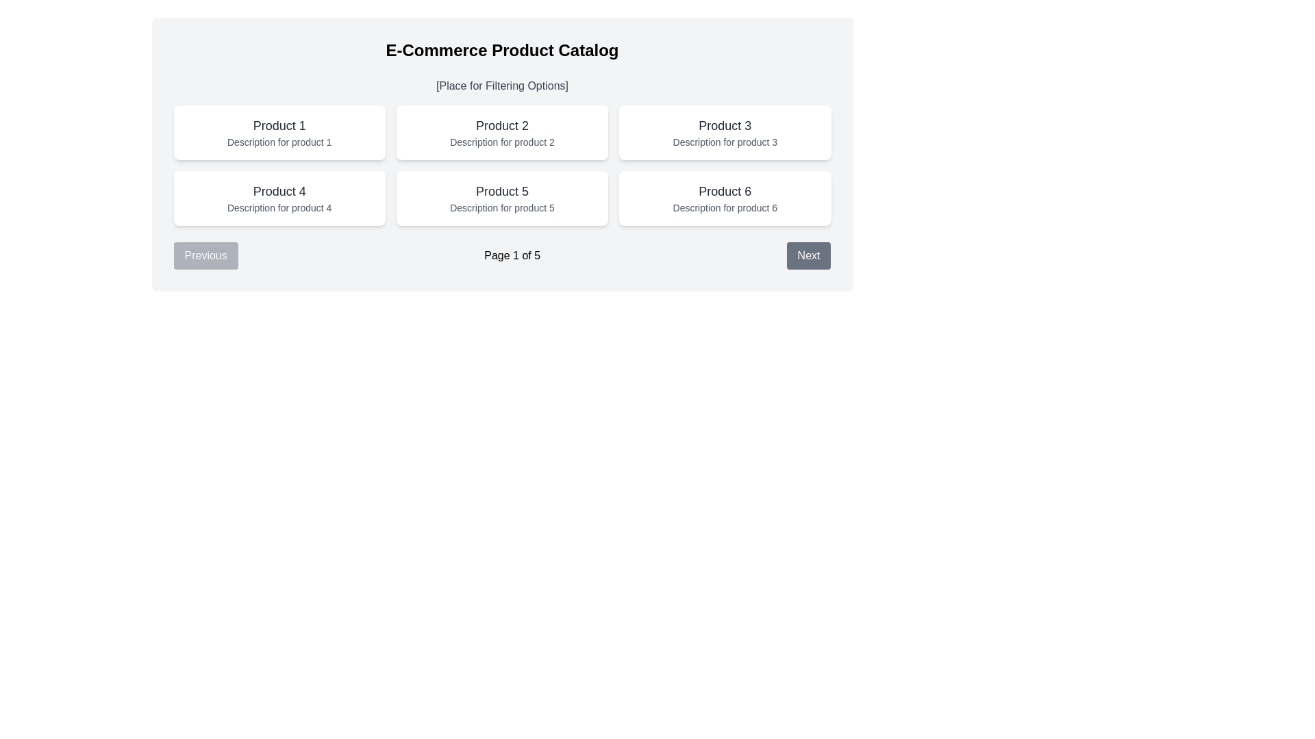 The height and width of the screenshot is (739, 1315). What do you see at coordinates (279, 126) in the screenshot?
I see `the product title text label located in the top-left card of the product catalog grid, which serves as an identifier and header for the card's content` at bounding box center [279, 126].